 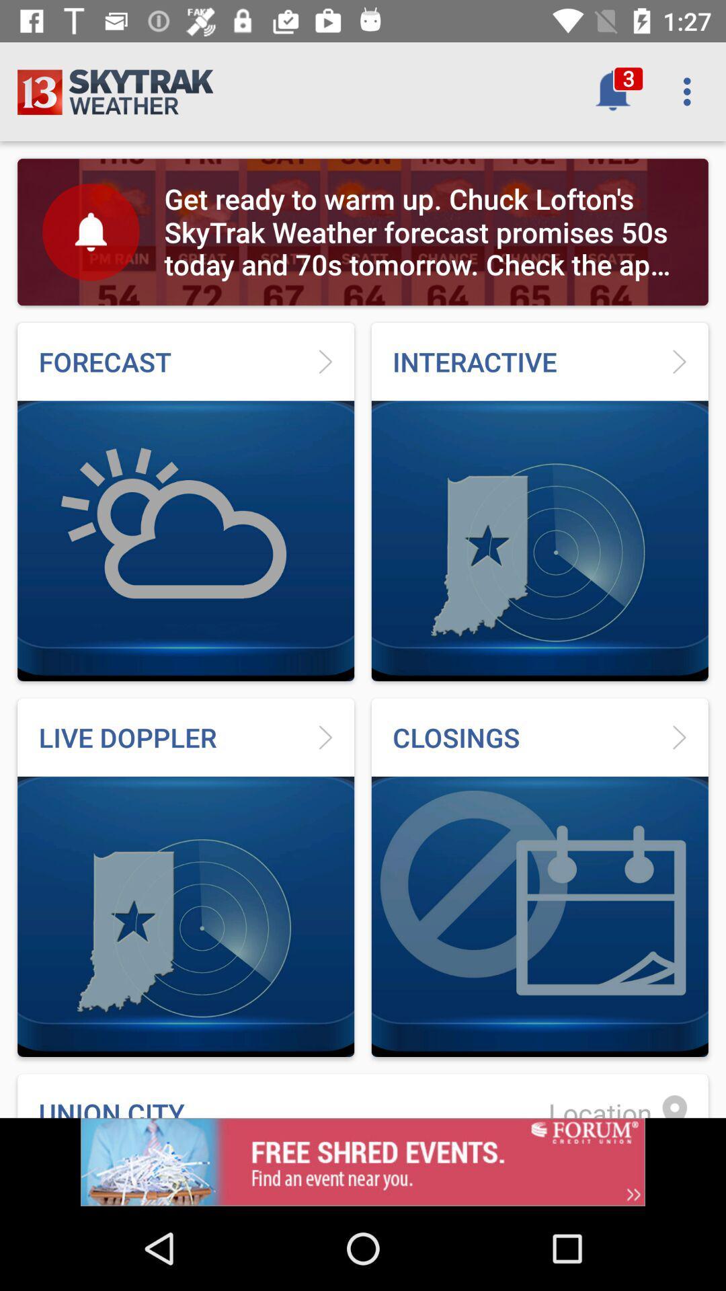 What do you see at coordinates (91, 232) in the screenshot?
I see `alarm on the second row` at bounding box center [91, 232].